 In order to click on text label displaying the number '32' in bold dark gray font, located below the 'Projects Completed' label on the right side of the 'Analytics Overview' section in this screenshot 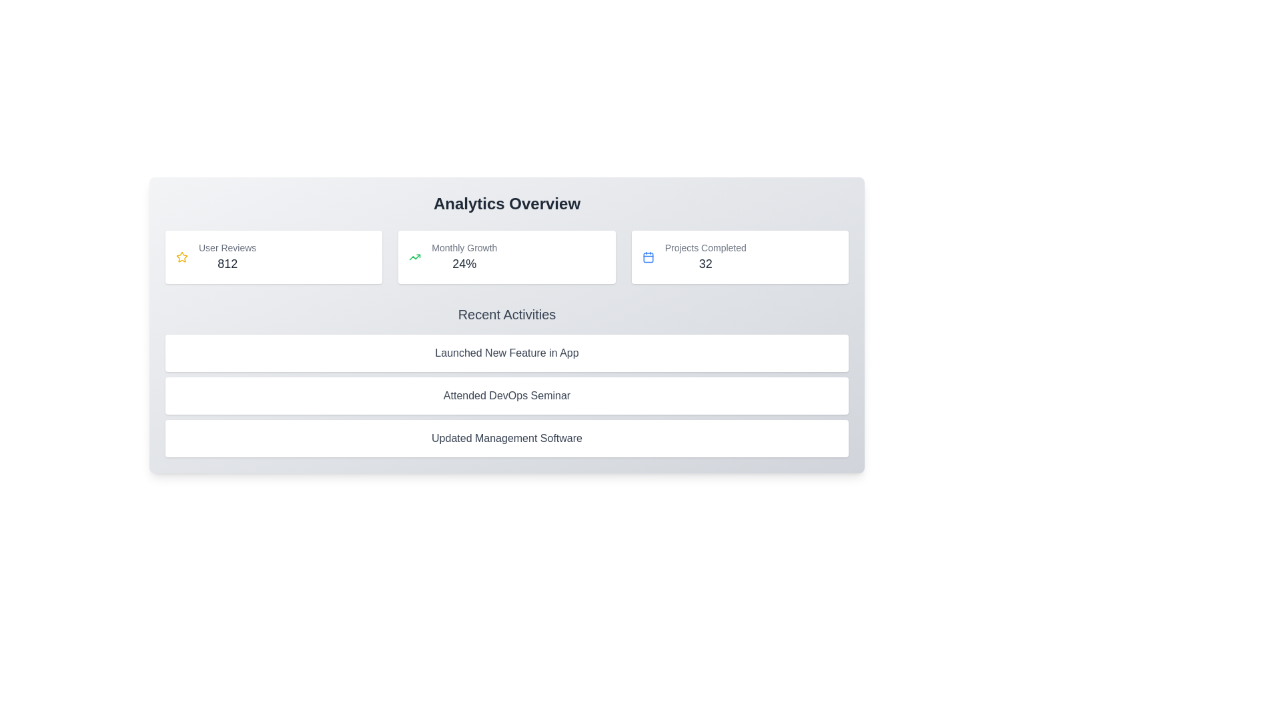, I will do `click(705, 264)`.